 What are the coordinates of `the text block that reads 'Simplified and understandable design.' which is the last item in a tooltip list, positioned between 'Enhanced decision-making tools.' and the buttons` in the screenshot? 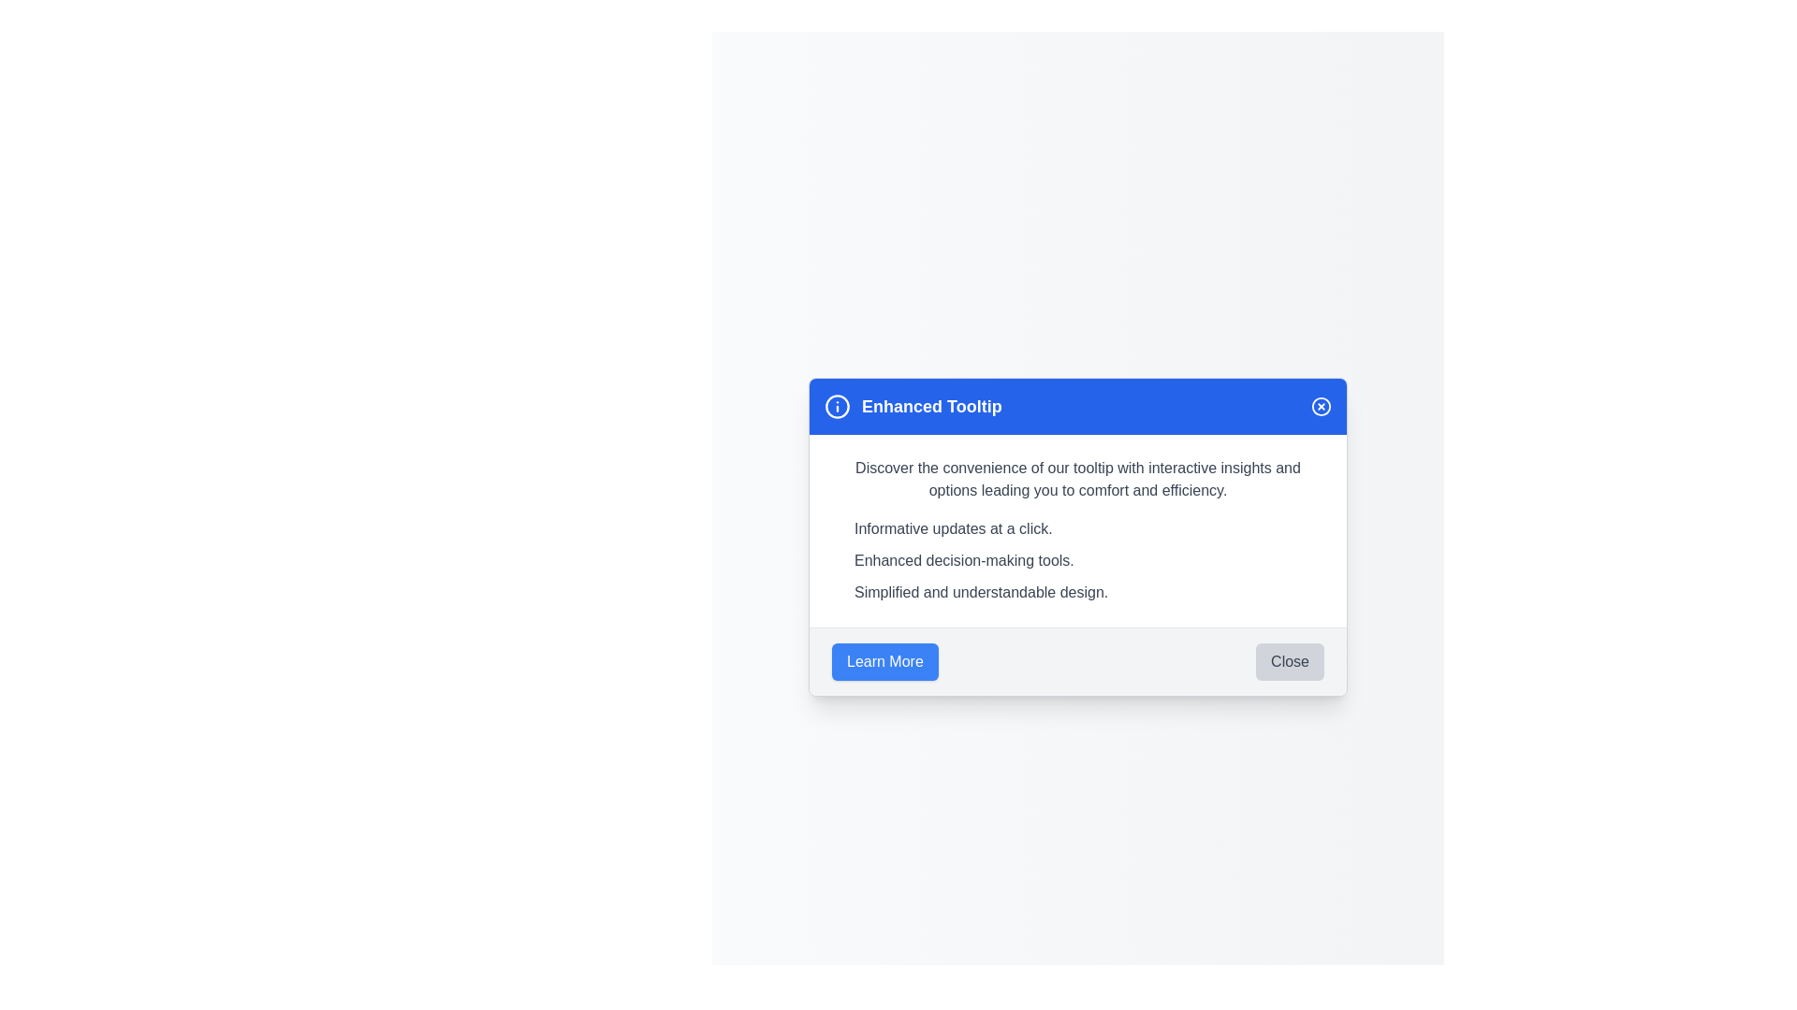 It's located at (1088, 592).